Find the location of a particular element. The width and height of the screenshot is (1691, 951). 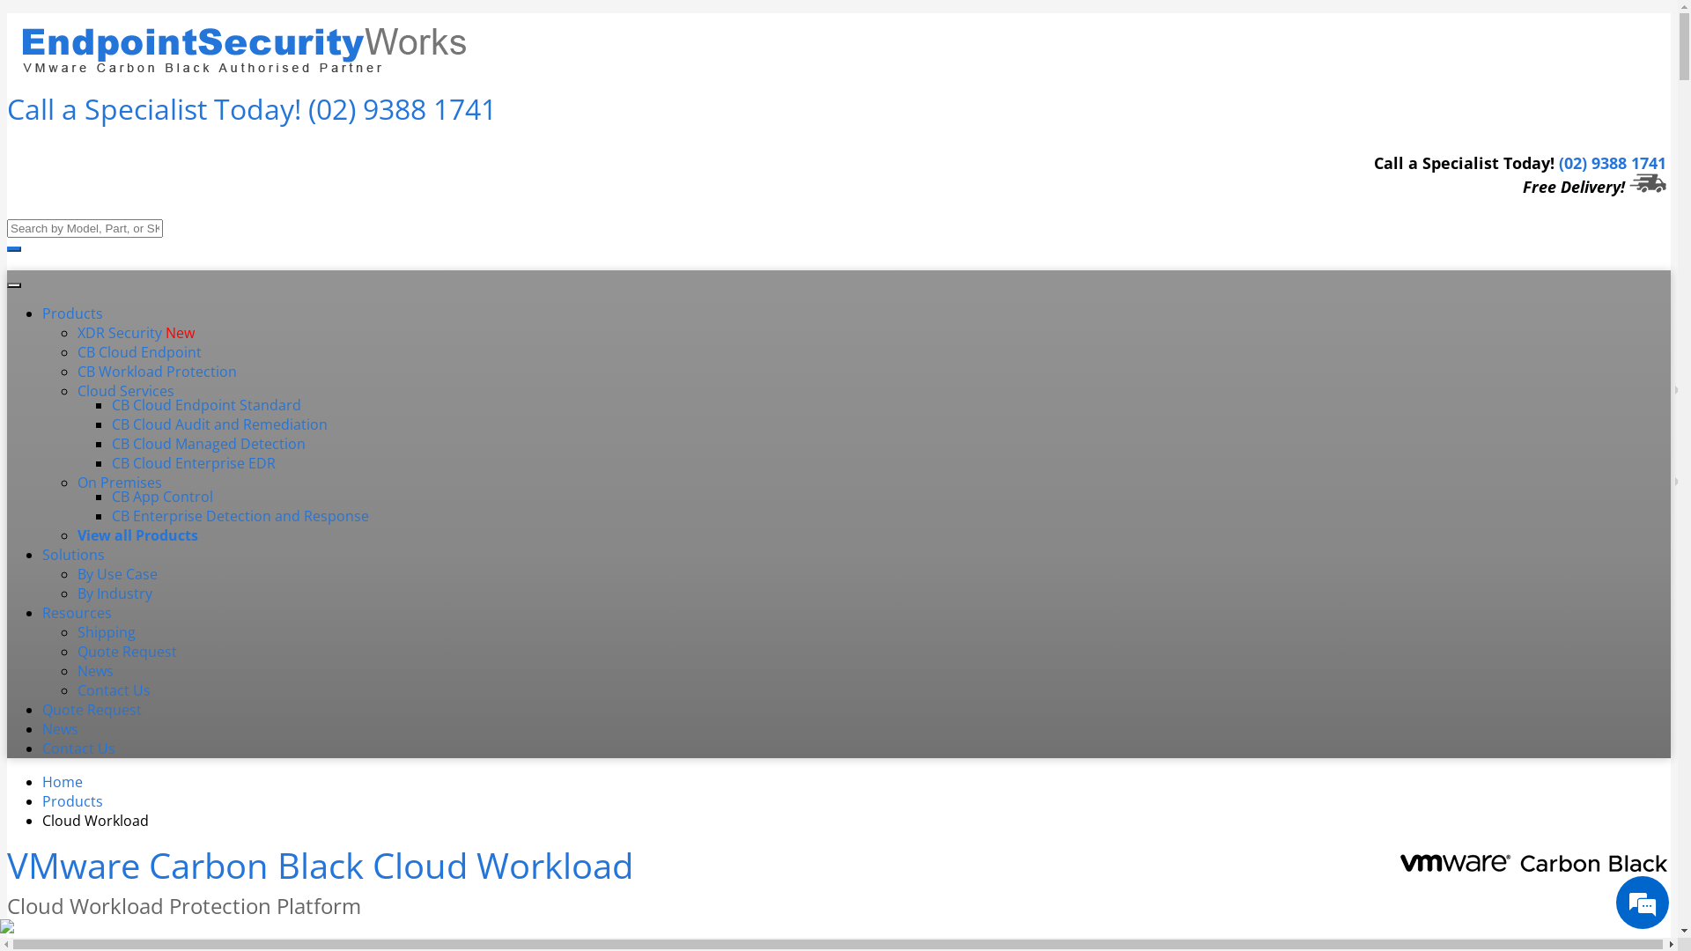

'Quote Request' is located at coordinates (126, 652).